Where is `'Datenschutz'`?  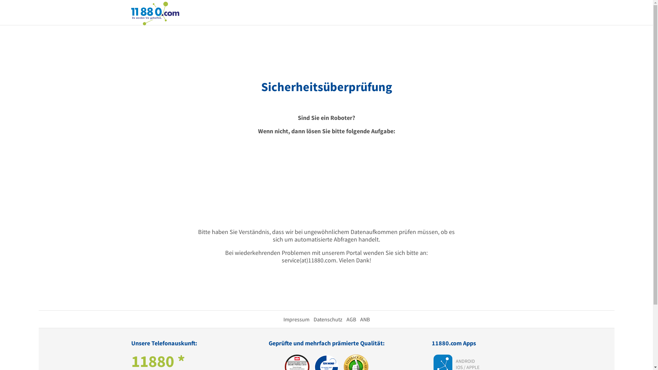
'Datenschutz' is located at coordinates (327, 319).